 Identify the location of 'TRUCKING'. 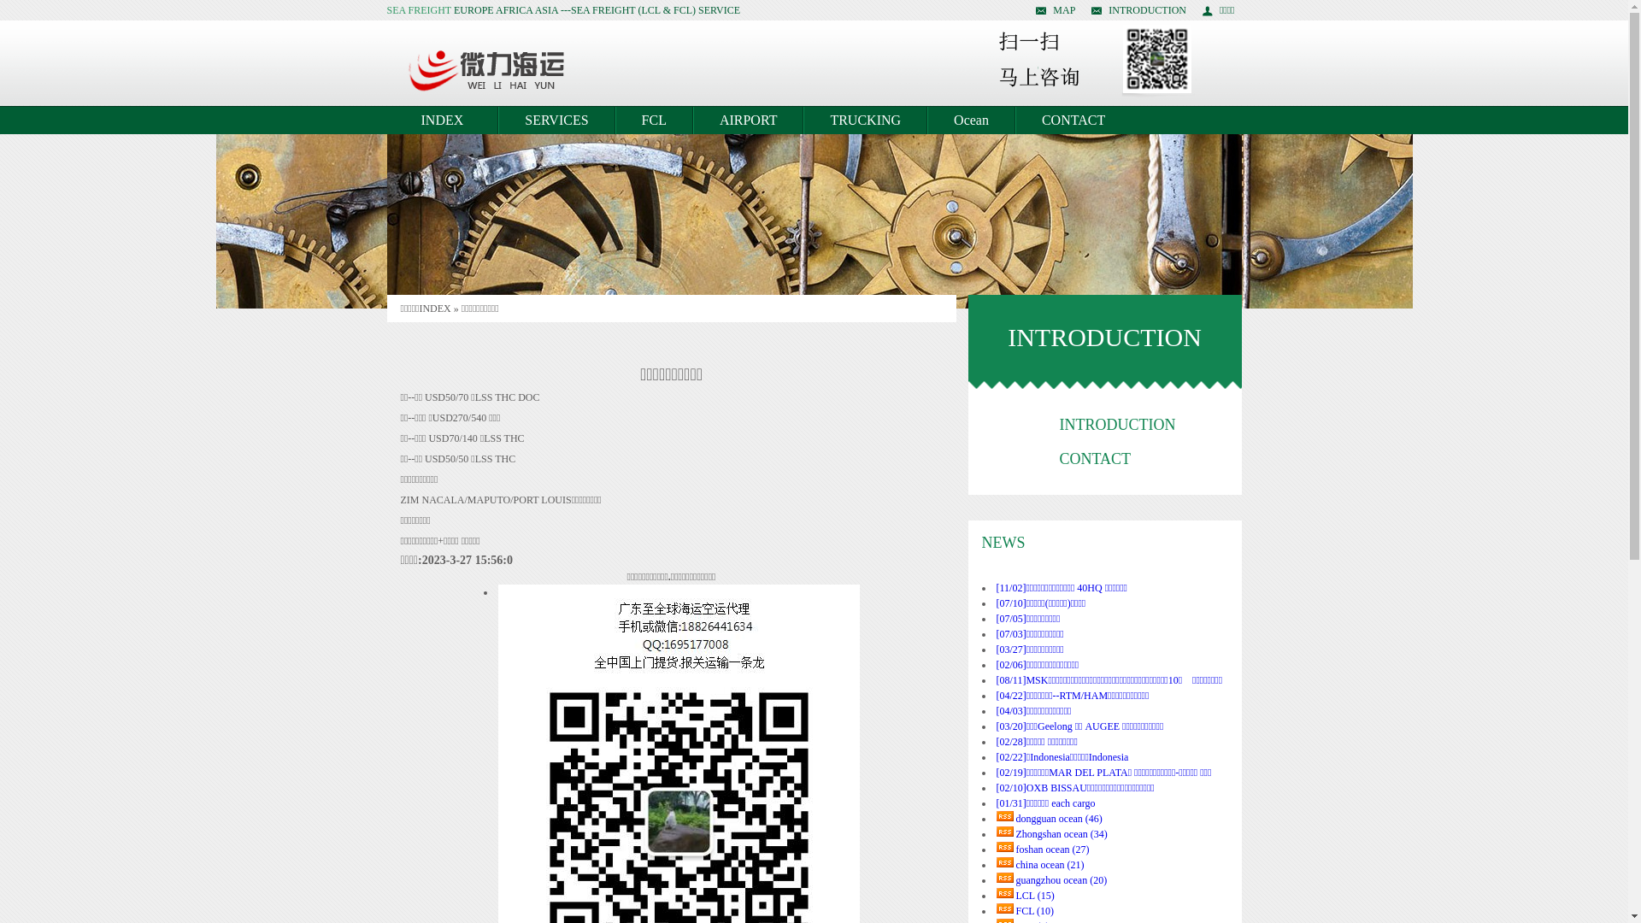
(865, 120).